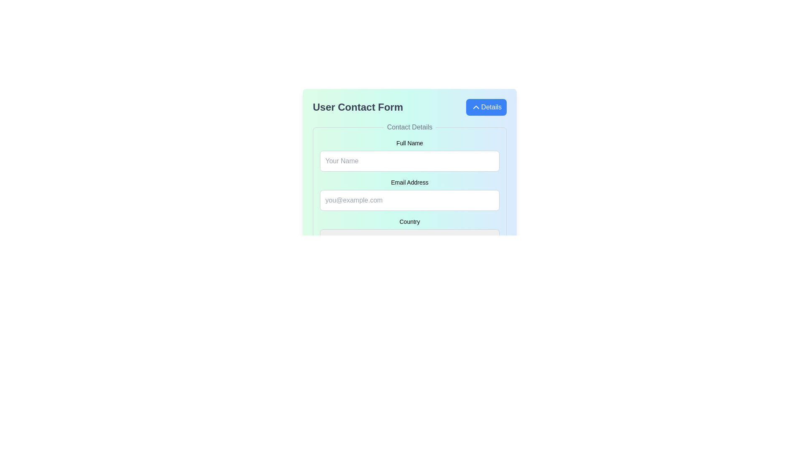  Describe the element at coordinates (486, 107) in the screenshot. I see `the button located at the top-right corner of the 'User Contact Form' section header` at that location.